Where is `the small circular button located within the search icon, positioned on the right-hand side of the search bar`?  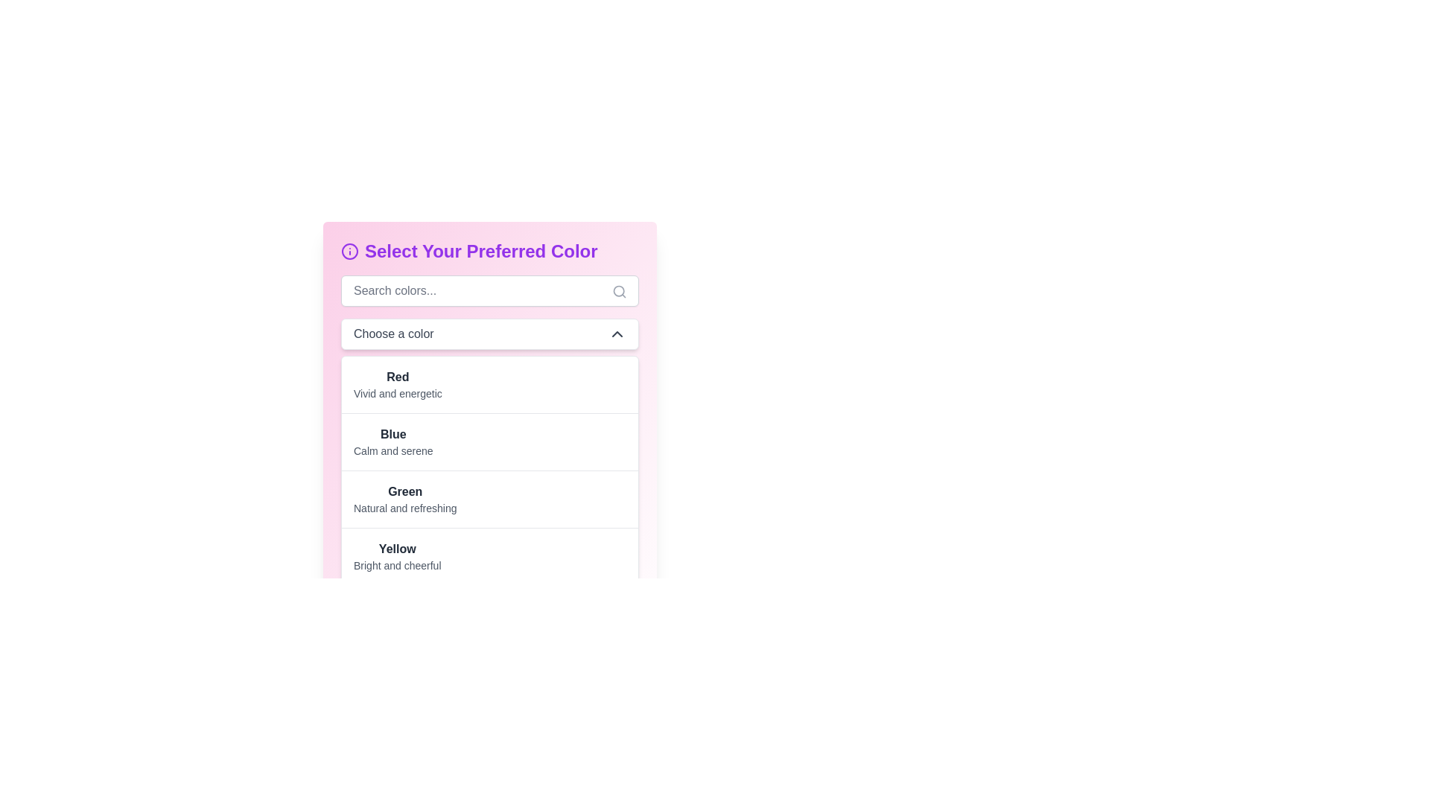
the small circular button located within the search icon, positioned on the right-hand side of the search bar is located at coordinates (619, 291).